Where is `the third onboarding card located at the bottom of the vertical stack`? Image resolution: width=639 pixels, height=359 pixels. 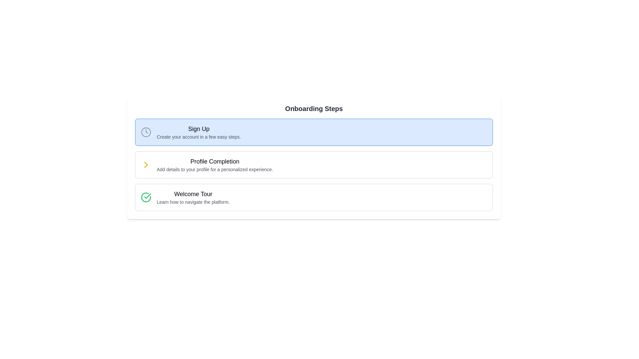
the third onboarding card located at the bottom of the vertical stack is located at coordinates (314, 197).